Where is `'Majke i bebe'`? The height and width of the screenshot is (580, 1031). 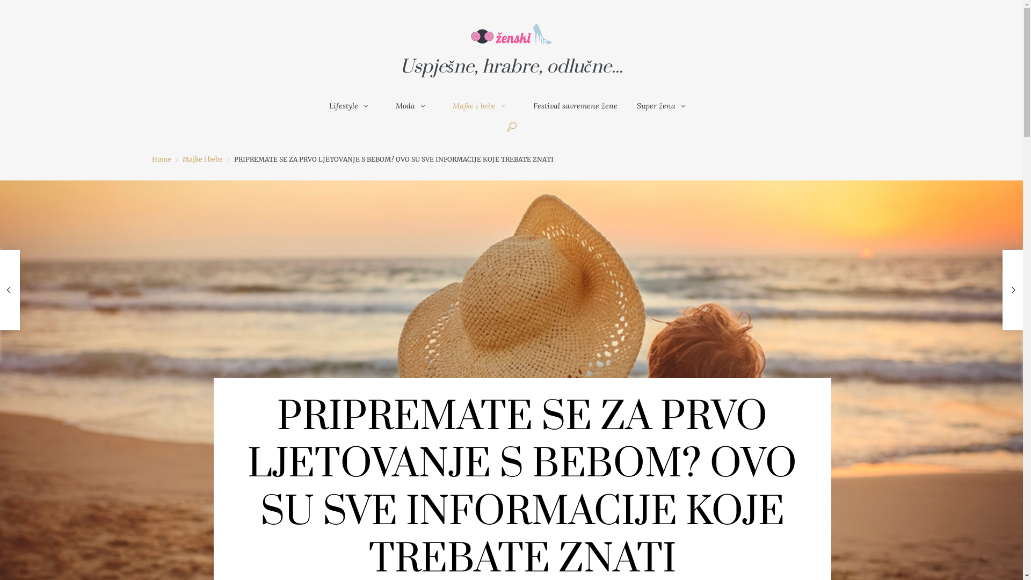
'Majke i bebe' is located at coordinates (202, 159).